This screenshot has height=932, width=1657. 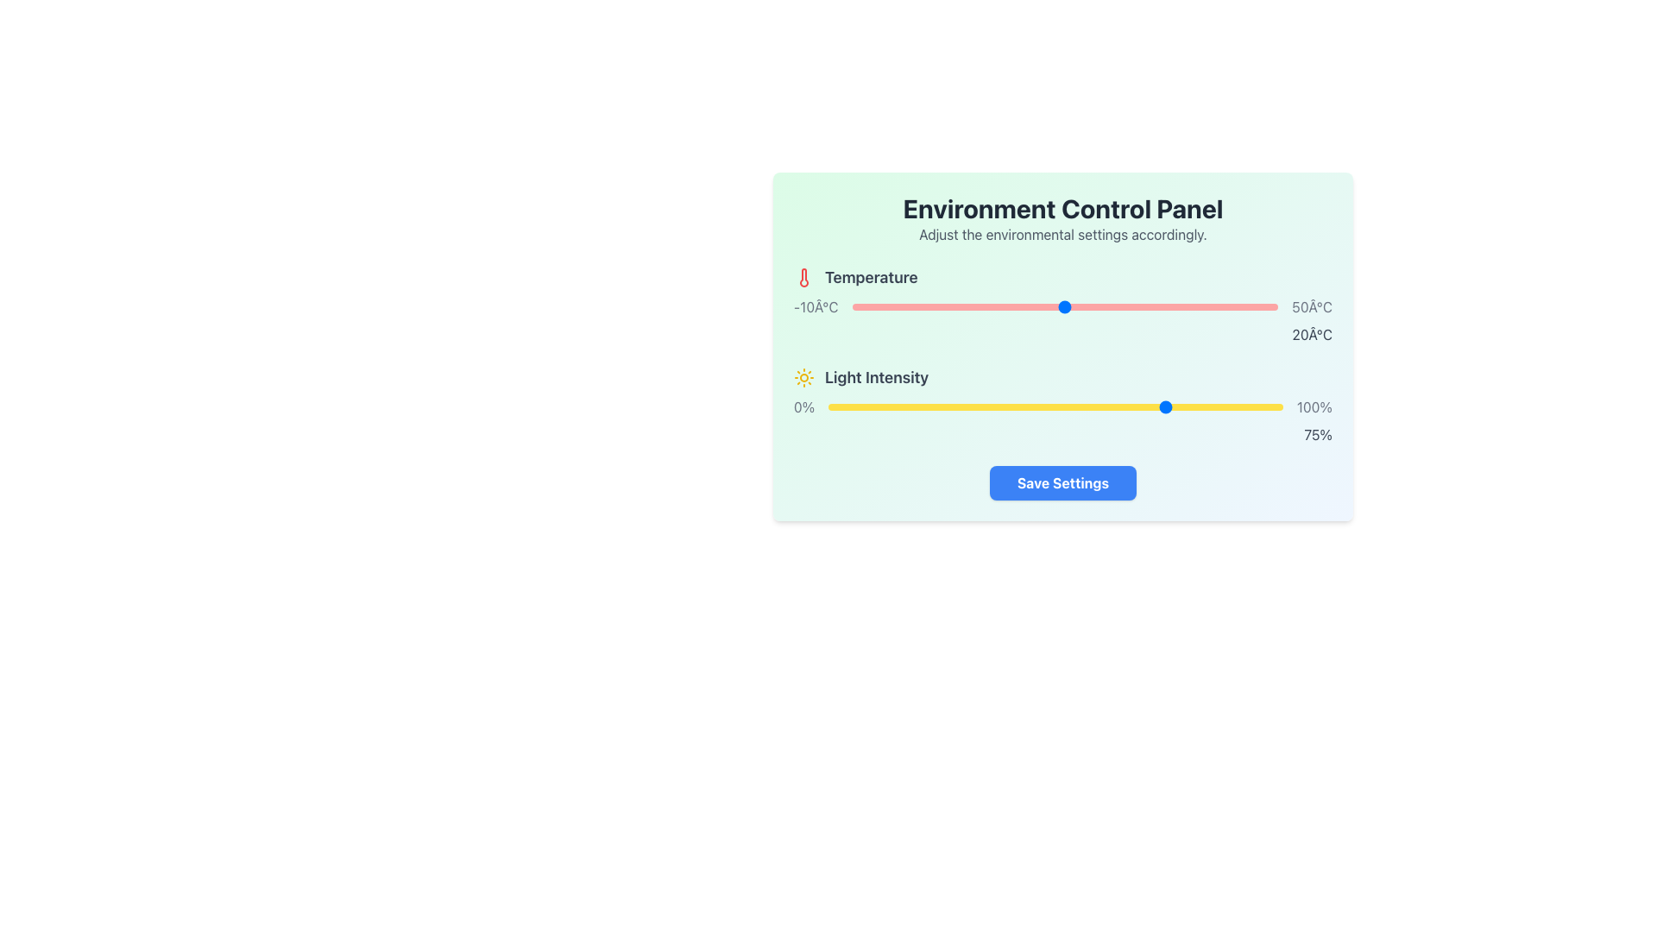 What do you see at coordinates (1191, 406) in the screenshot?
I see `the light intensity` at bounding box center [1191, 406].